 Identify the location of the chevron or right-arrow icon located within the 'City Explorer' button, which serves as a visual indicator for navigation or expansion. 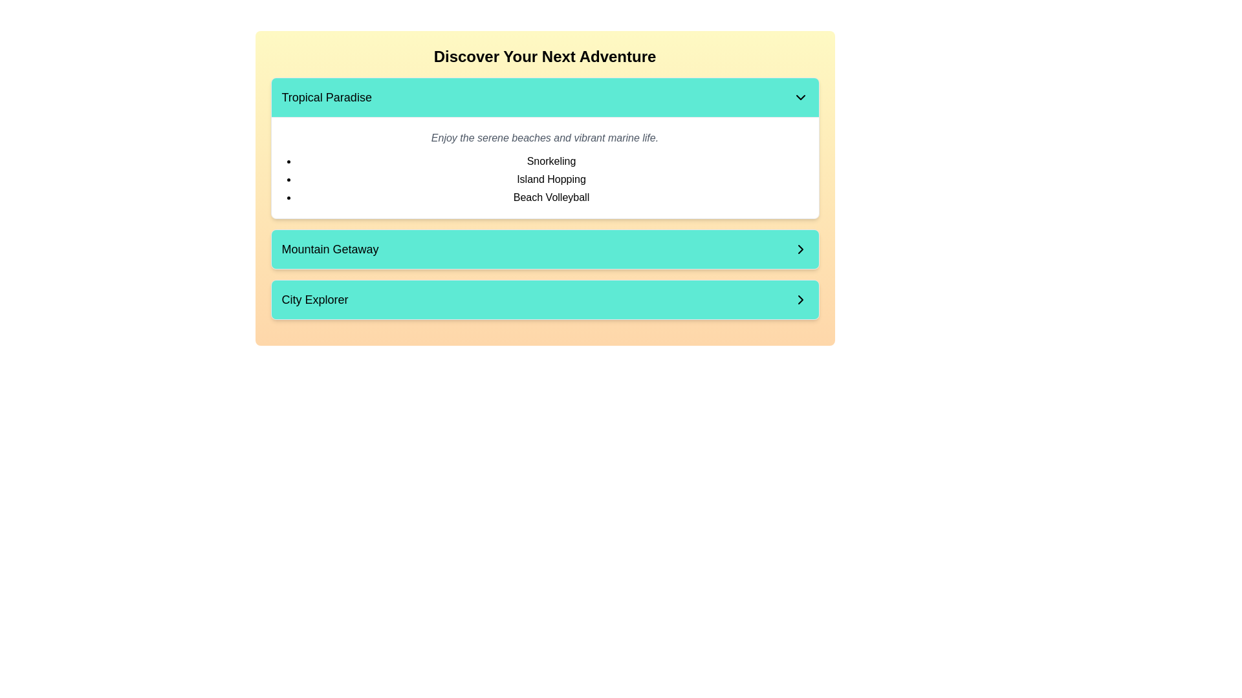
(800, 299).